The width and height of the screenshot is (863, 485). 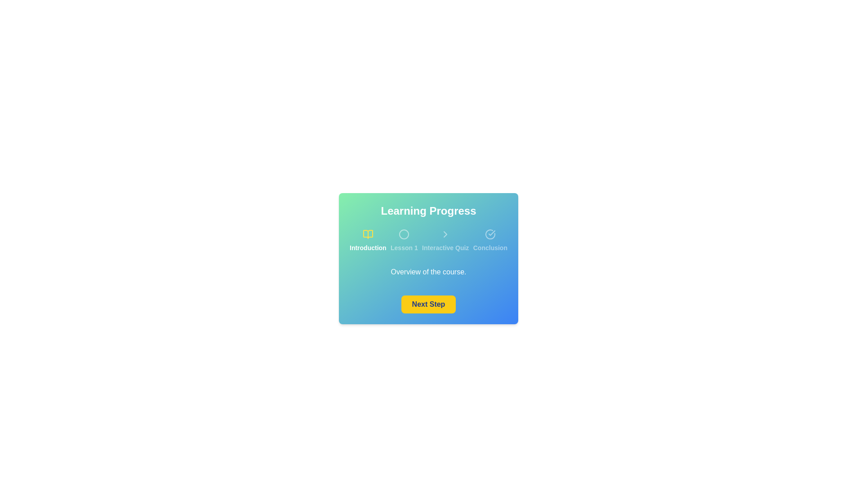 What do you see at coordinates (368, 234) in the screenshot?
I see `the book icon located at the top left of the 'Learning Progress' card, adjacent to the label 'Introduction'` at bounding box center [368, 234].